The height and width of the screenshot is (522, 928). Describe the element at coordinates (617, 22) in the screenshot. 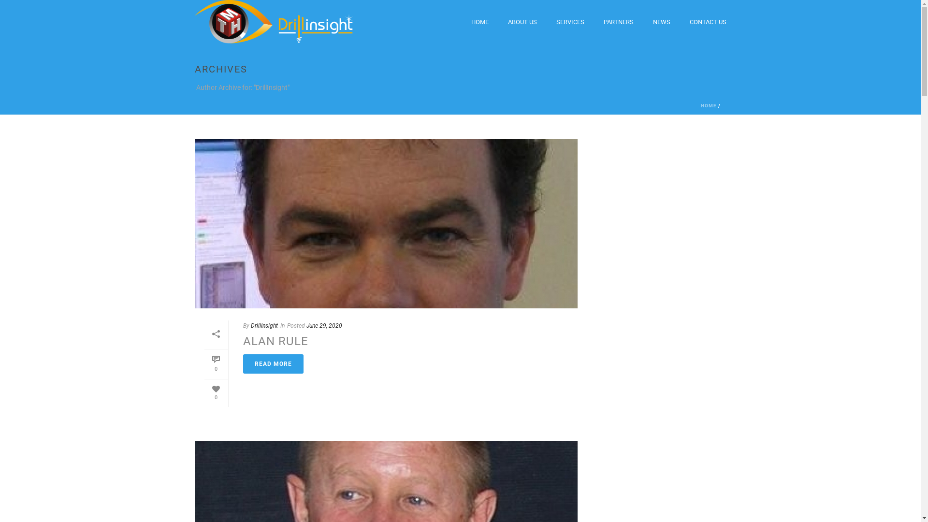

I see `'PARTNERS'` at that location.